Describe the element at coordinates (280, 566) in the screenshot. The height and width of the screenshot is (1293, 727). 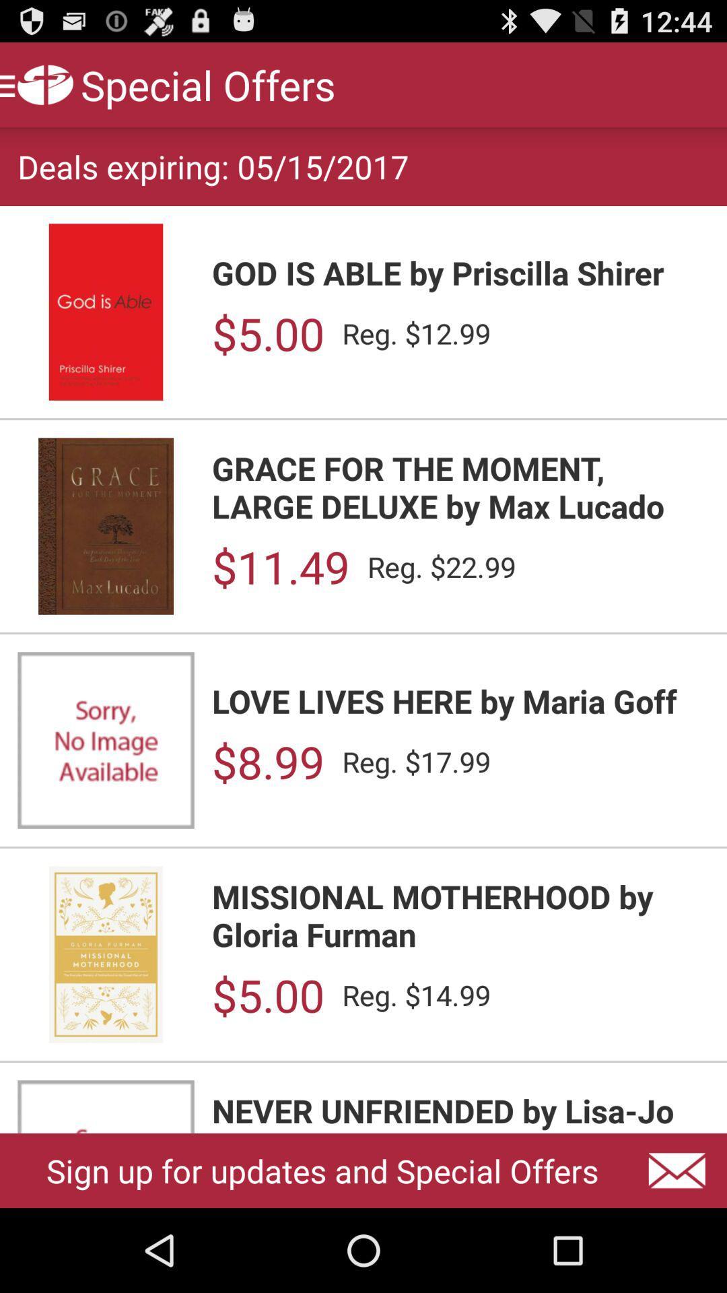
I see `the item above love lives here app` at that location.